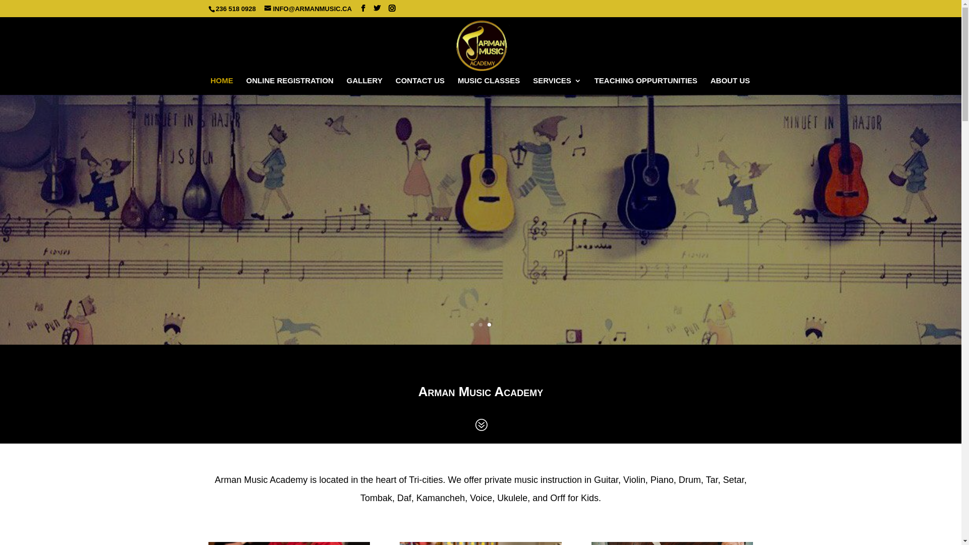 The width and height of the screenshot is (969, 545). Describe the element at coordinates (289, 85) in the screenshot. I see `'ONLINE REGISTRATION'` at that location.